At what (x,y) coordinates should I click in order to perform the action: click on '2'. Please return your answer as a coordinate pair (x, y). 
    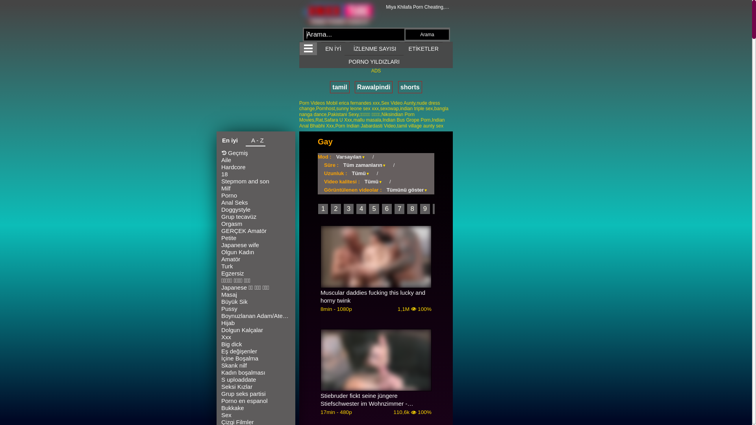
    Looking at the image, I should click on (335, 209).